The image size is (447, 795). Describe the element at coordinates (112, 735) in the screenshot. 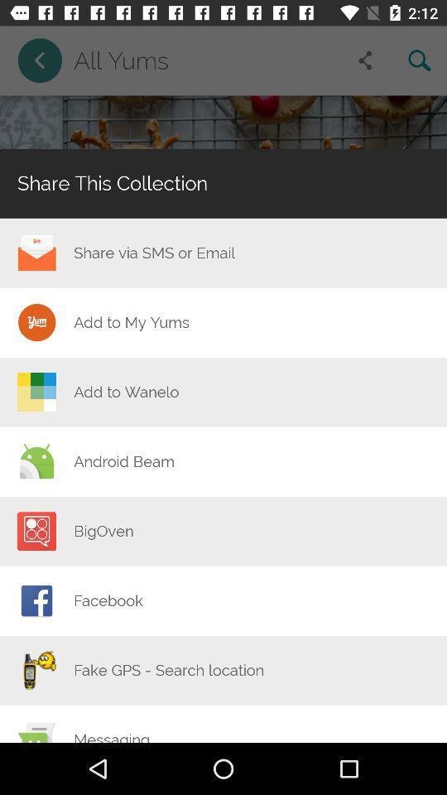

I see `the item below the fake gps search item` at that location.